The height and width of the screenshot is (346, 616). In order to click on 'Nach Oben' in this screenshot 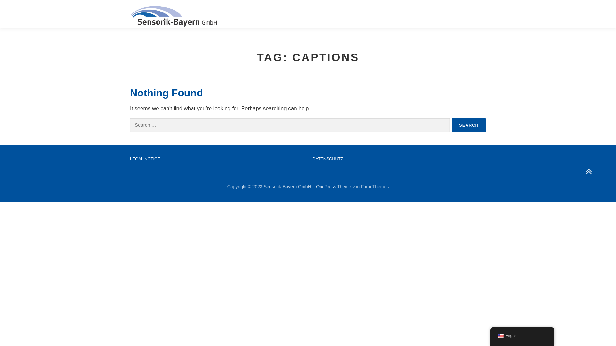, I will do `click(585, 169)`.